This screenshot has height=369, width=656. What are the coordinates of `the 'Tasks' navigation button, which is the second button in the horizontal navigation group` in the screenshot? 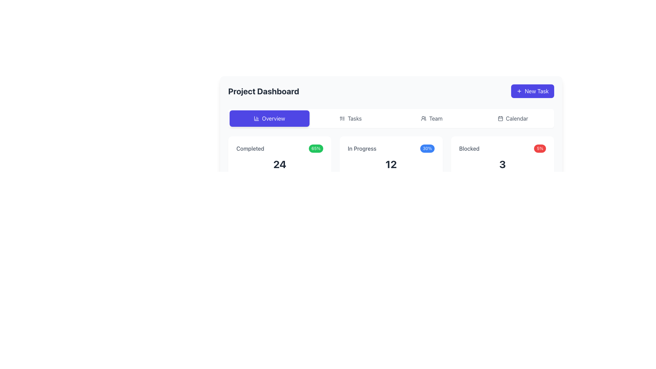 It's located at (351, 118).